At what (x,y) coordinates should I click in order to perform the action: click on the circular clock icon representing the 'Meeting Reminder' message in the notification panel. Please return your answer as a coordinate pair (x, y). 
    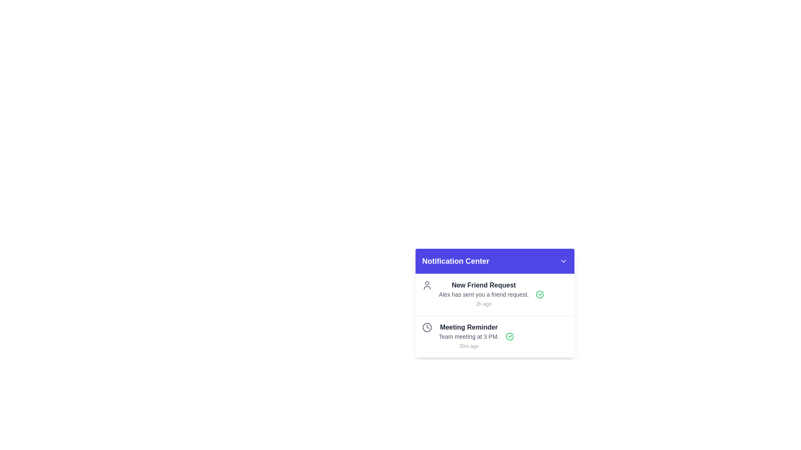
    Looking at the image, I should click on (427, 327).